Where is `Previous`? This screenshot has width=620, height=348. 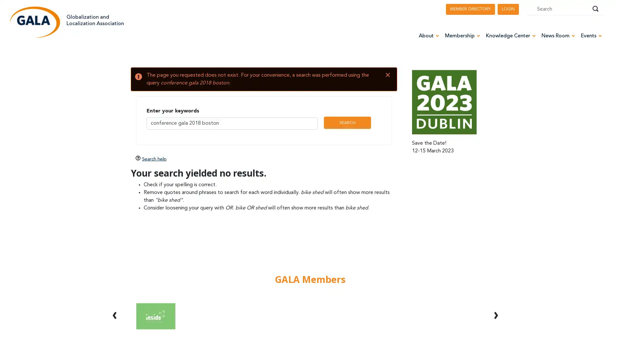
Previous is located at coordinates (114, 308).